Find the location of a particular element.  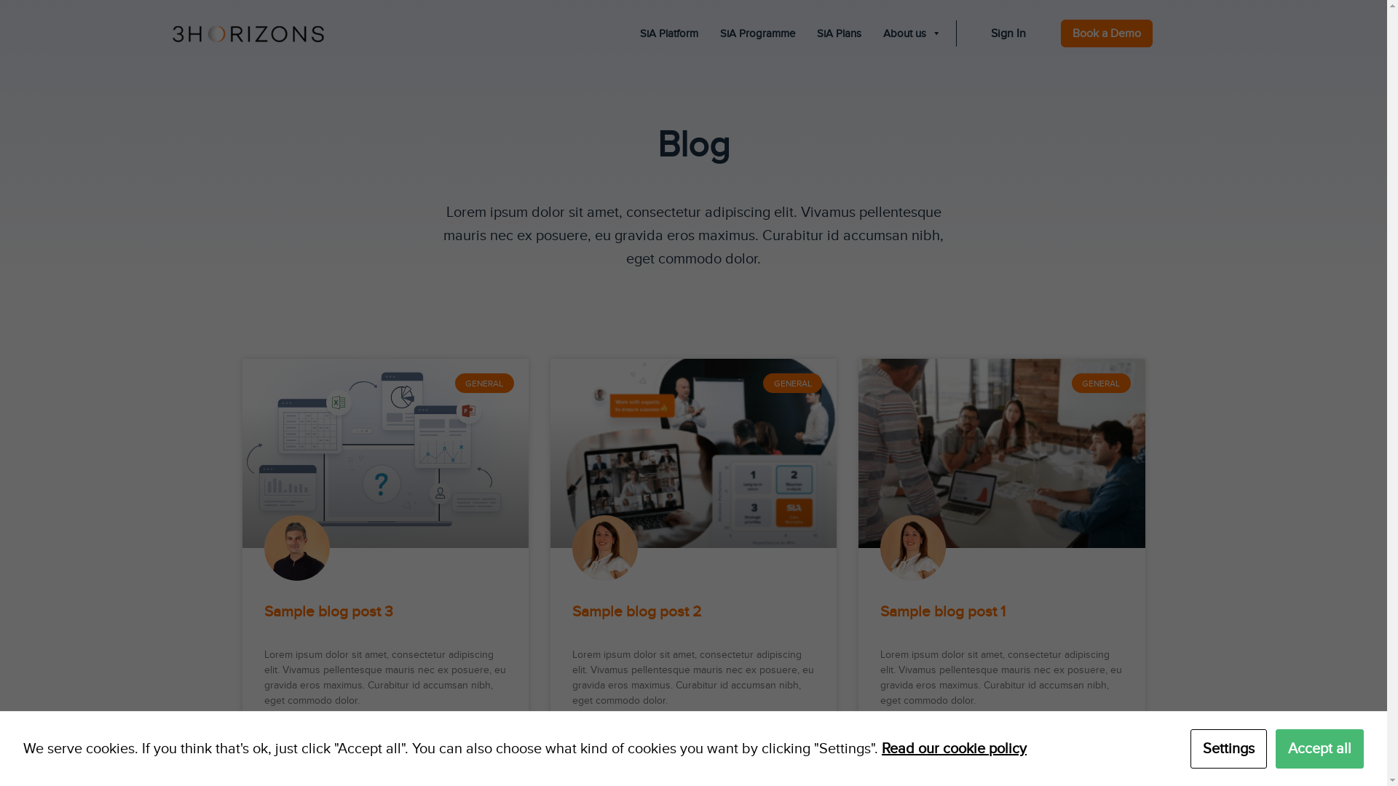

'SiA Plans' is located at coordinates (839, 33).